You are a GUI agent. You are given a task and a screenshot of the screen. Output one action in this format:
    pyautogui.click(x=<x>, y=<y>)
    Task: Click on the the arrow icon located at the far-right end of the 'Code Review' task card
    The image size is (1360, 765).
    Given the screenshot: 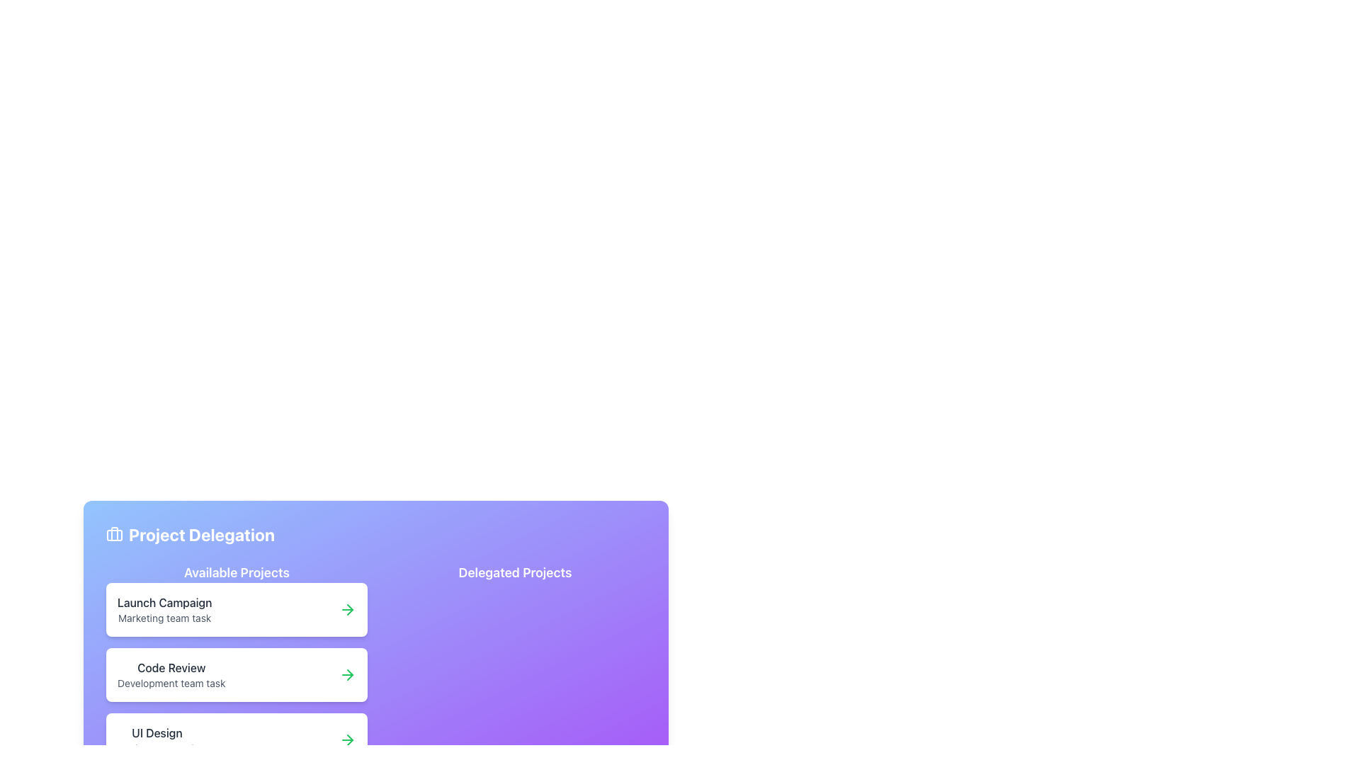 What is the action you would take?
    pyautogui.click(x=347, y=674)
    